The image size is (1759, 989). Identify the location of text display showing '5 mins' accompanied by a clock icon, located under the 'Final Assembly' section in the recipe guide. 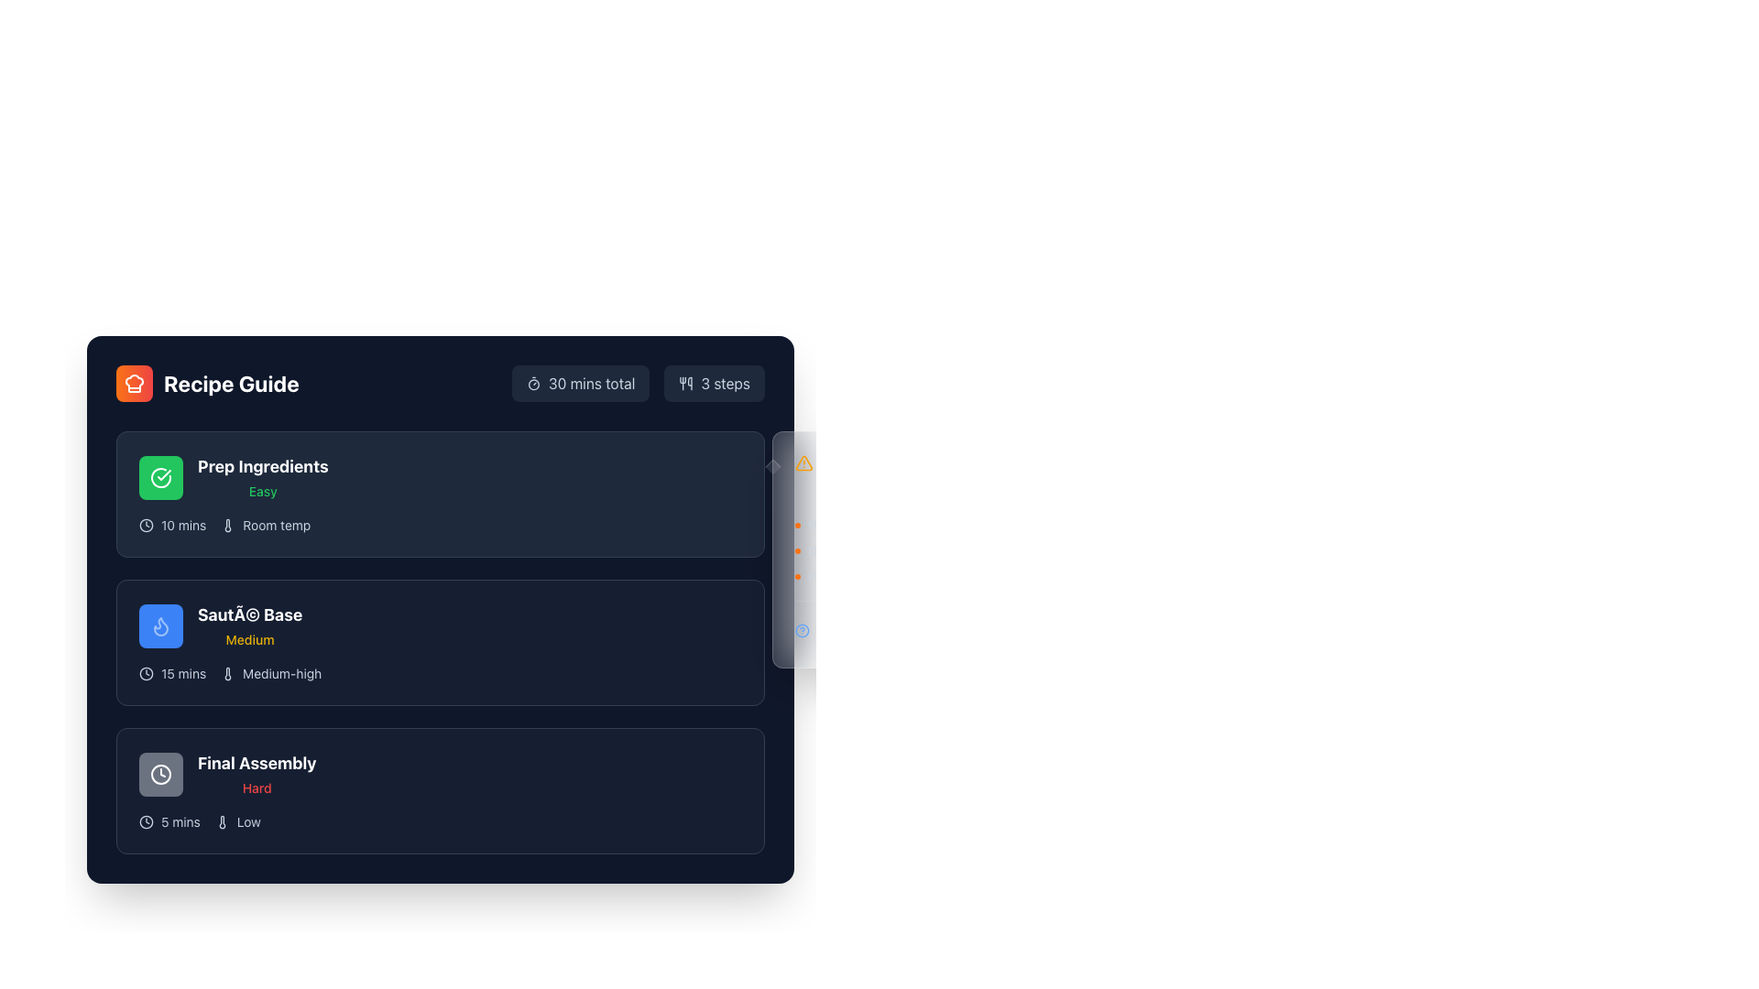
(169, 821).